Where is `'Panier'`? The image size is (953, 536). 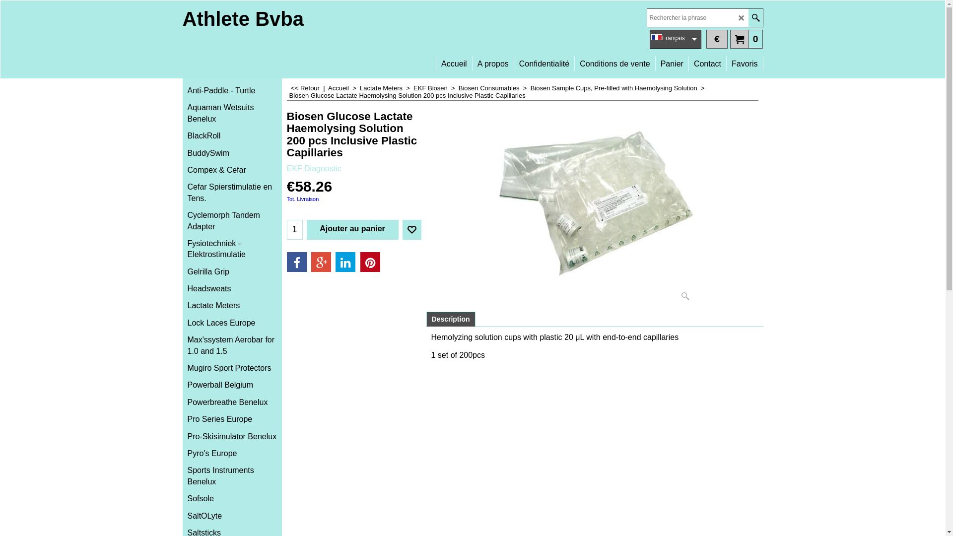 'Panier' is located at coordinates (655, 59).